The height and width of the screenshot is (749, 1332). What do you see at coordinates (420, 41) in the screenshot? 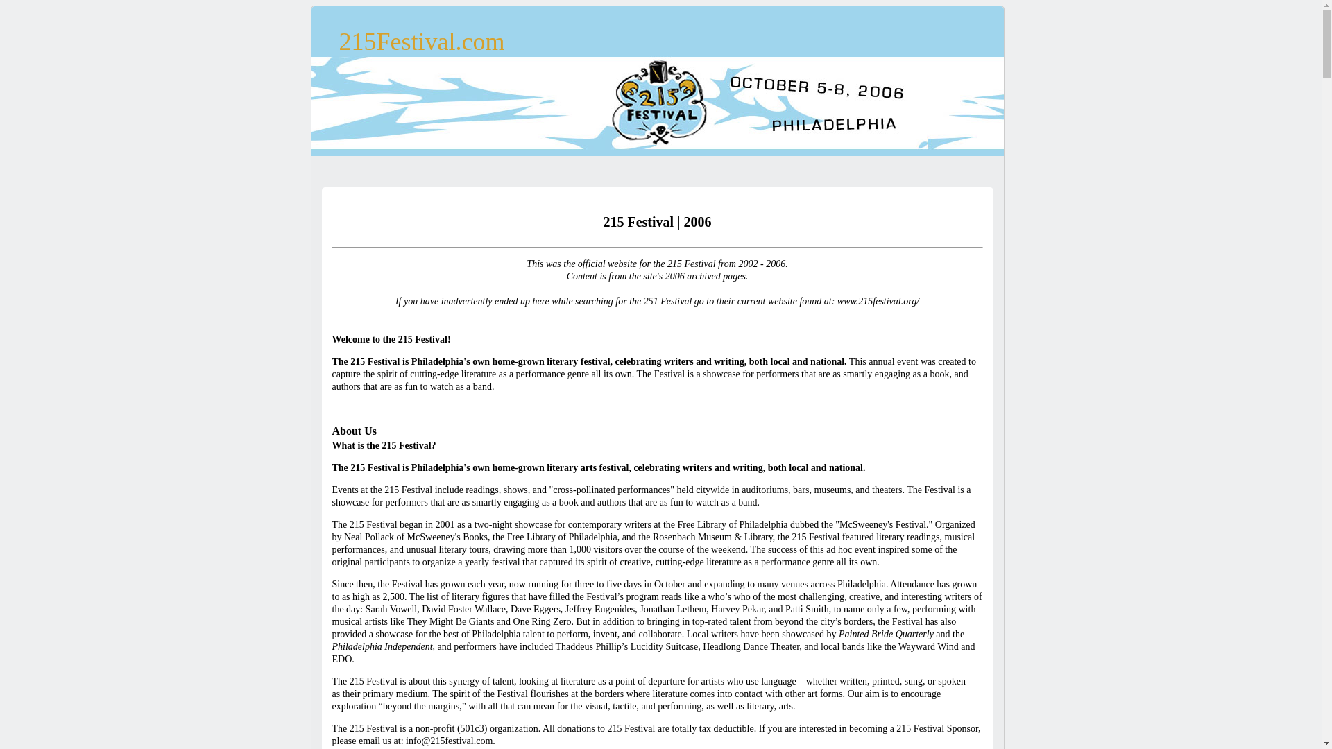
I see `'215Festival.com'` at bounding box center [420, 41].